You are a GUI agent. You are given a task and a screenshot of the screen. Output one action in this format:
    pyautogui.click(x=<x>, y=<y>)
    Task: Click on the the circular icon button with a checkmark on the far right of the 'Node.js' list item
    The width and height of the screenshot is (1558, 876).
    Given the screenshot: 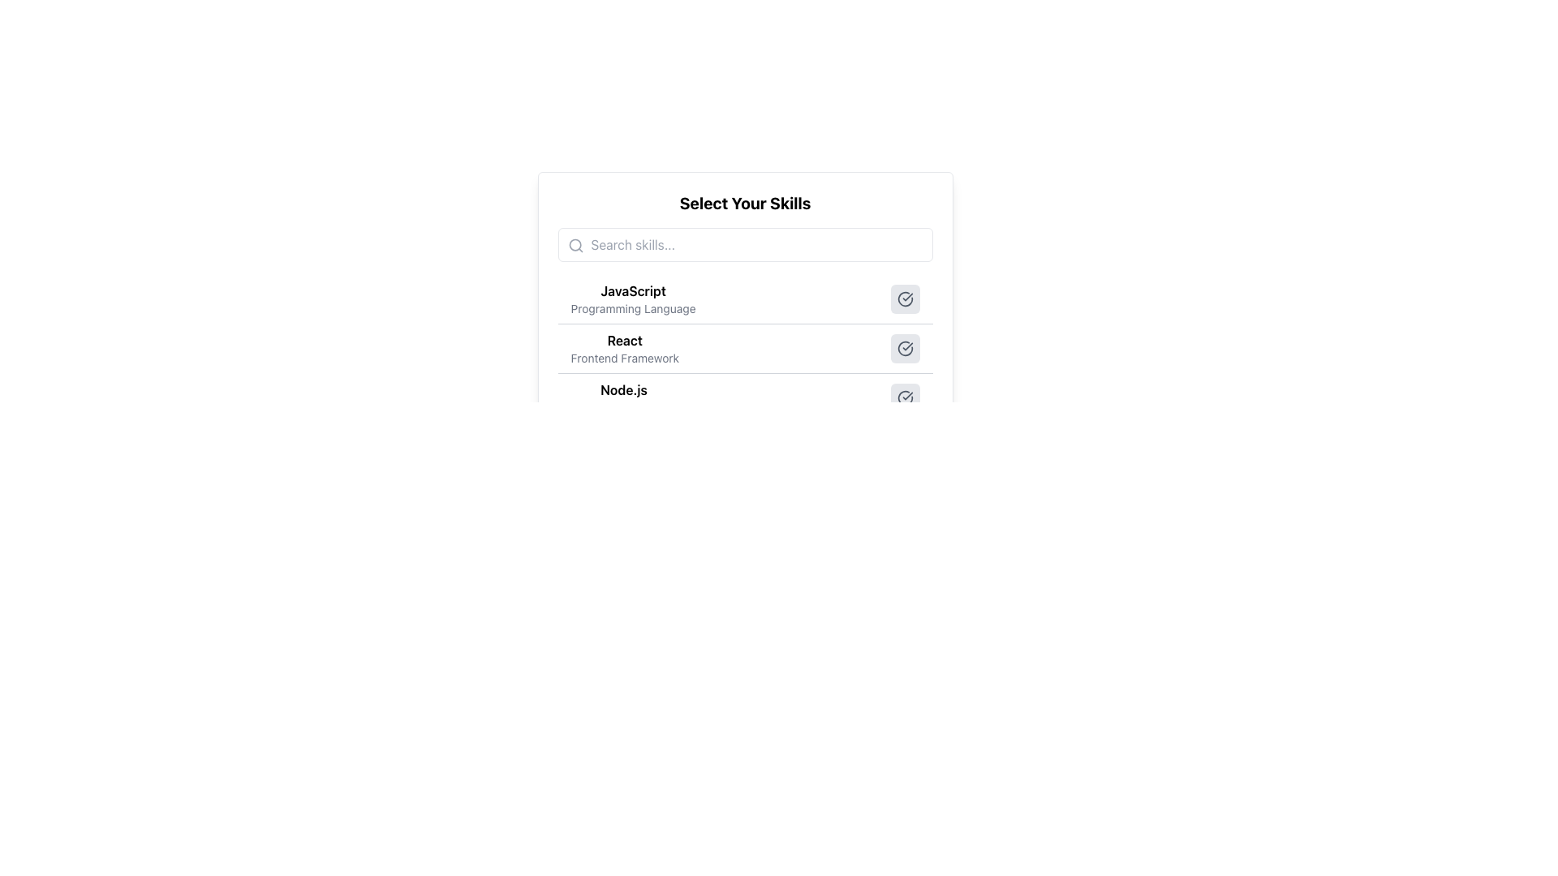 What is the action you would take?
    pyautogui.click(x=904, y=397)
    